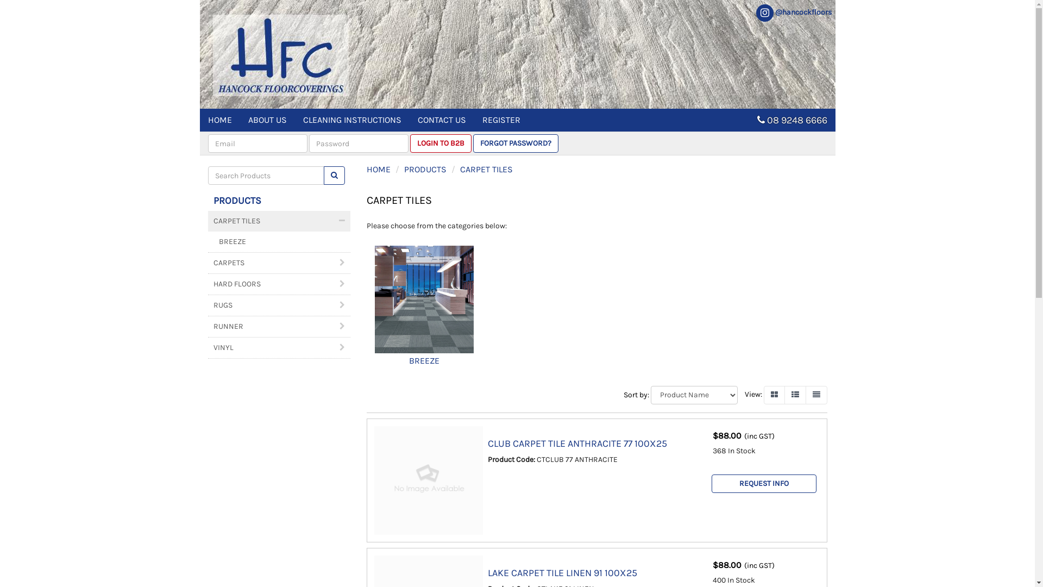 This screenshot has height=587, width=1043. I want to click on 'CONTACT US', so click(442, 120).